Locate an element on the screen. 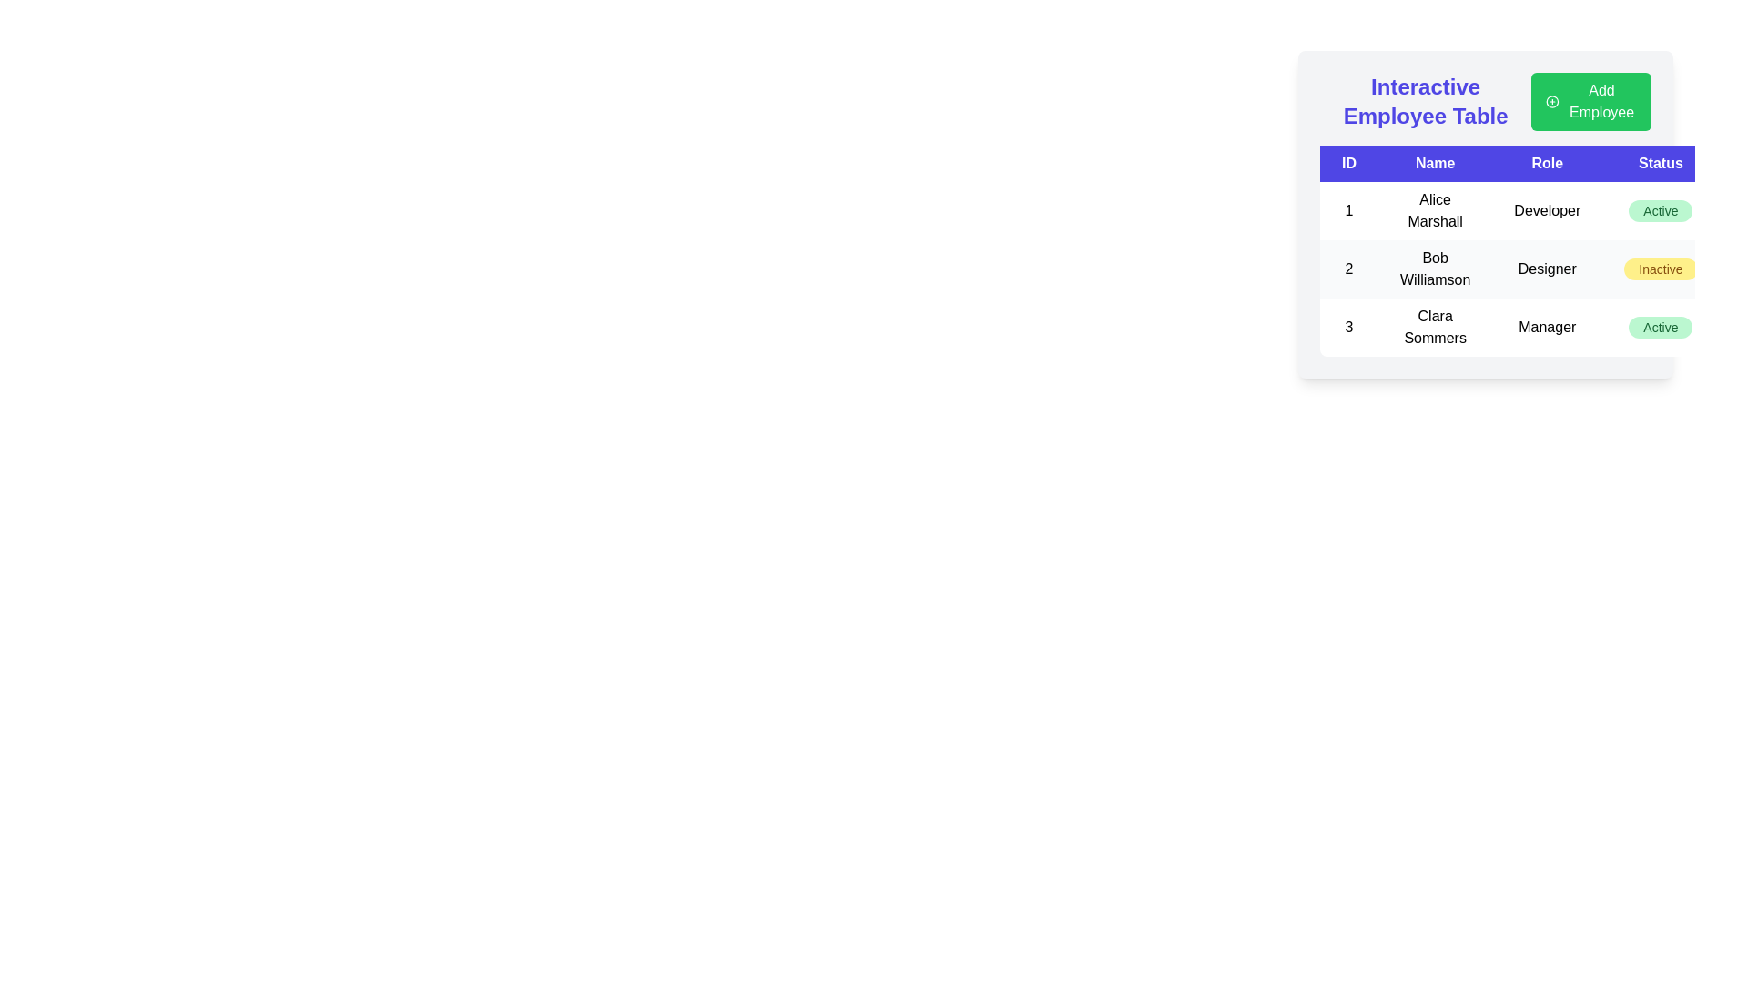 The width and height of the screenshot is (1748, 983). the text label displaying 'Designer' in the 'Role' column of the 'Interactive Employee Table' for 'Bob Williamson' is located at coordinates (1546, 269).